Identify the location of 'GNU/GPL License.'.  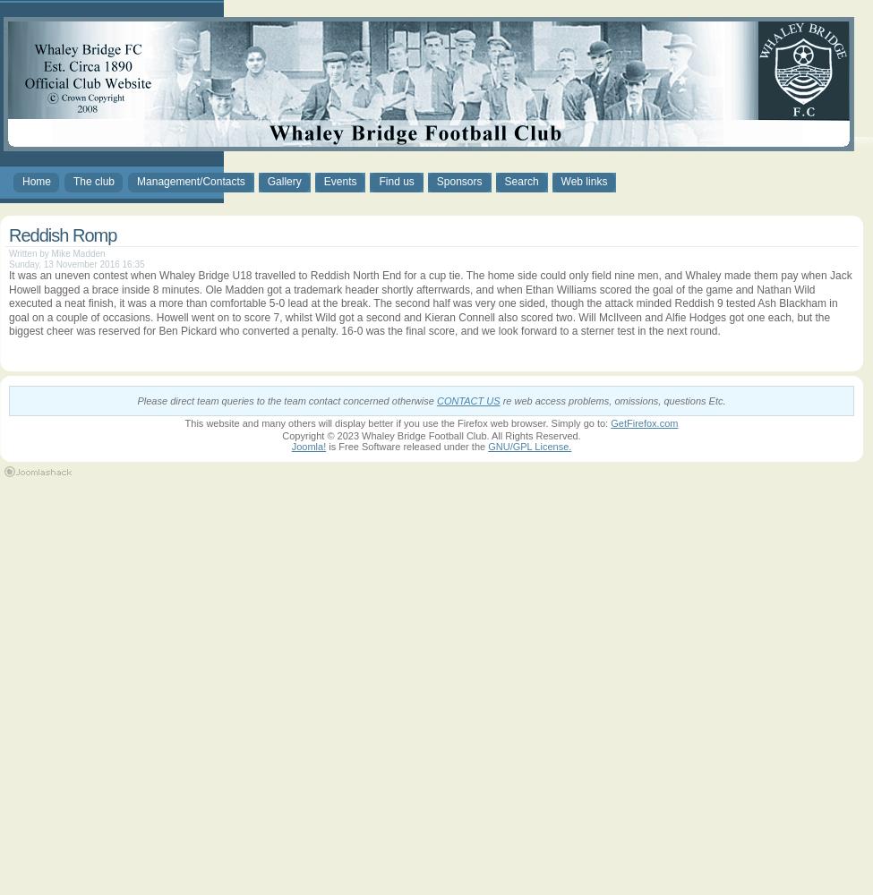
(529, 446).